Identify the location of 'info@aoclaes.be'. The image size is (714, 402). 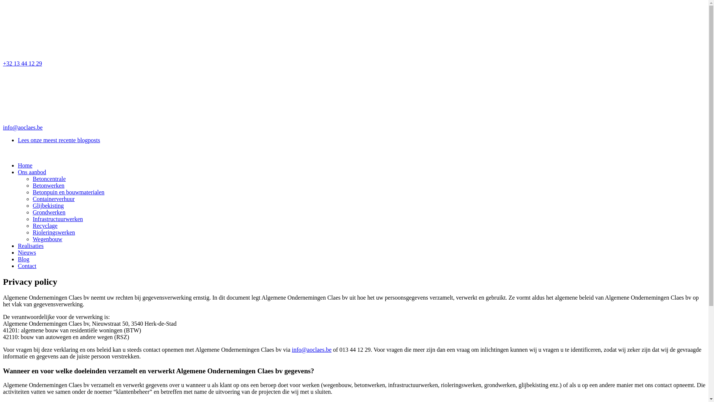
(3, 99).